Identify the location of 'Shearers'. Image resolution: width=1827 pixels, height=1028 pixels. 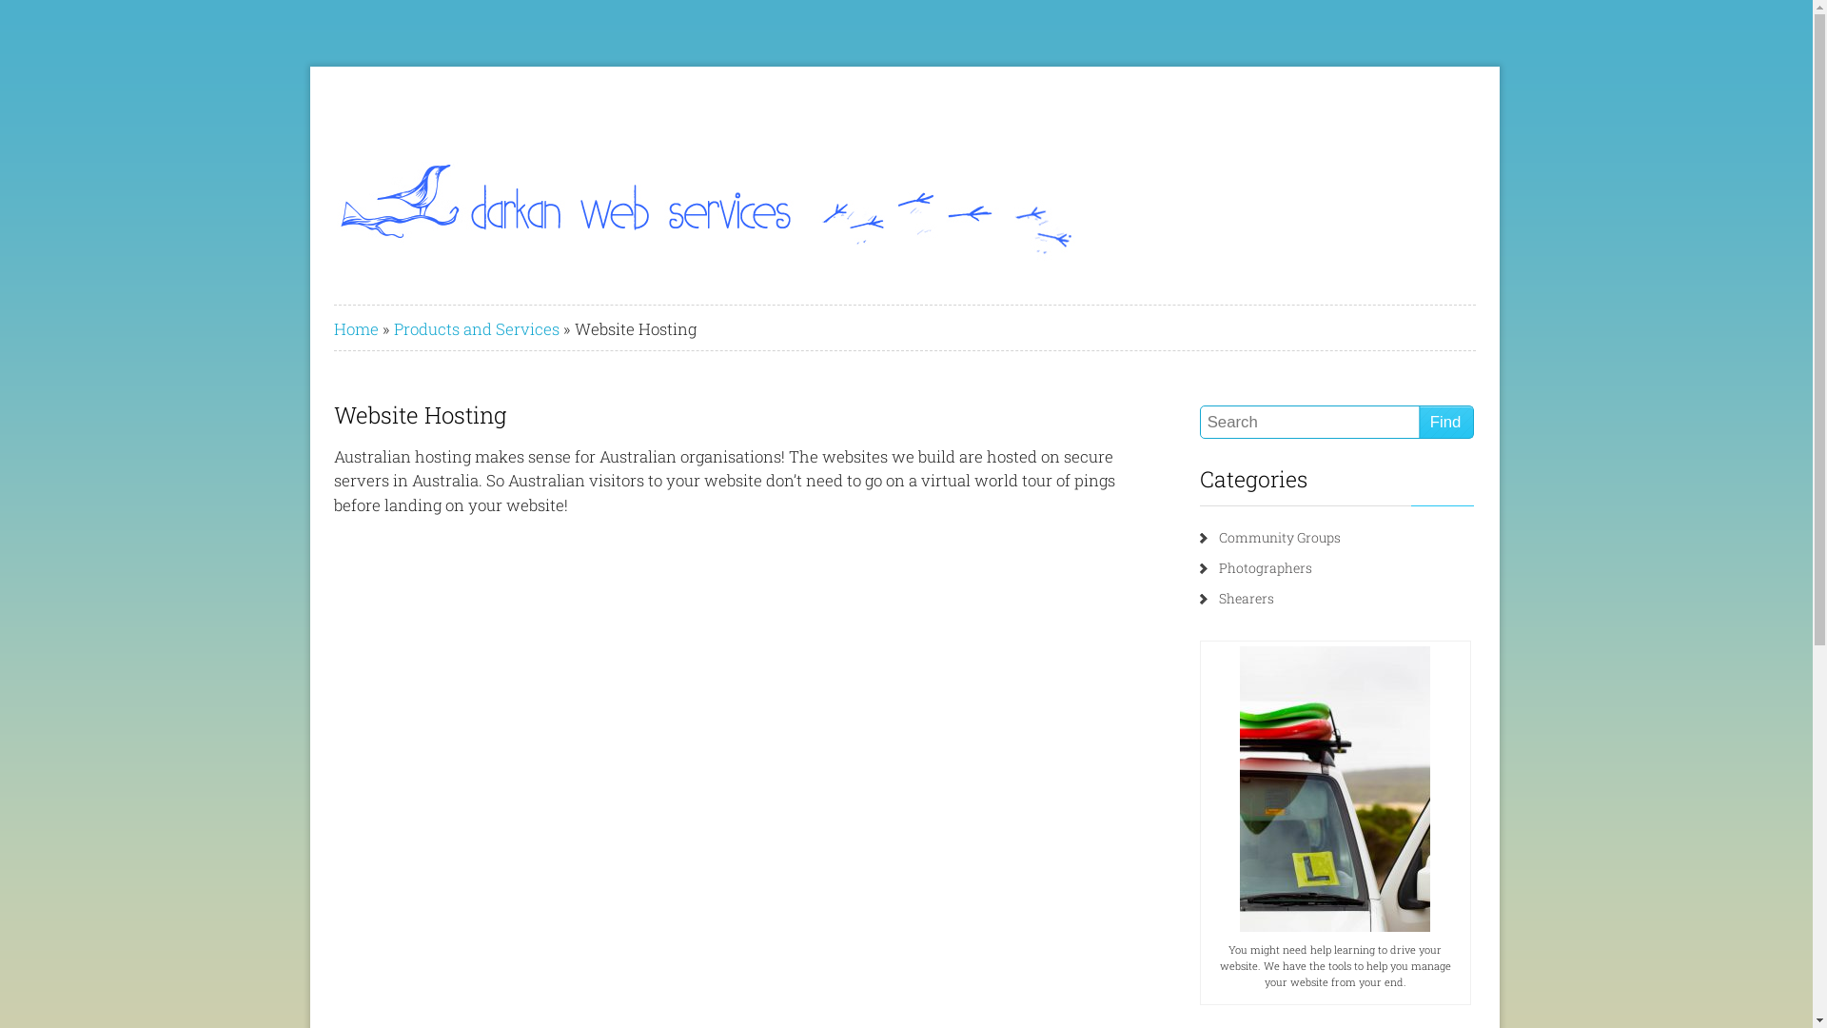
(1219, 597).